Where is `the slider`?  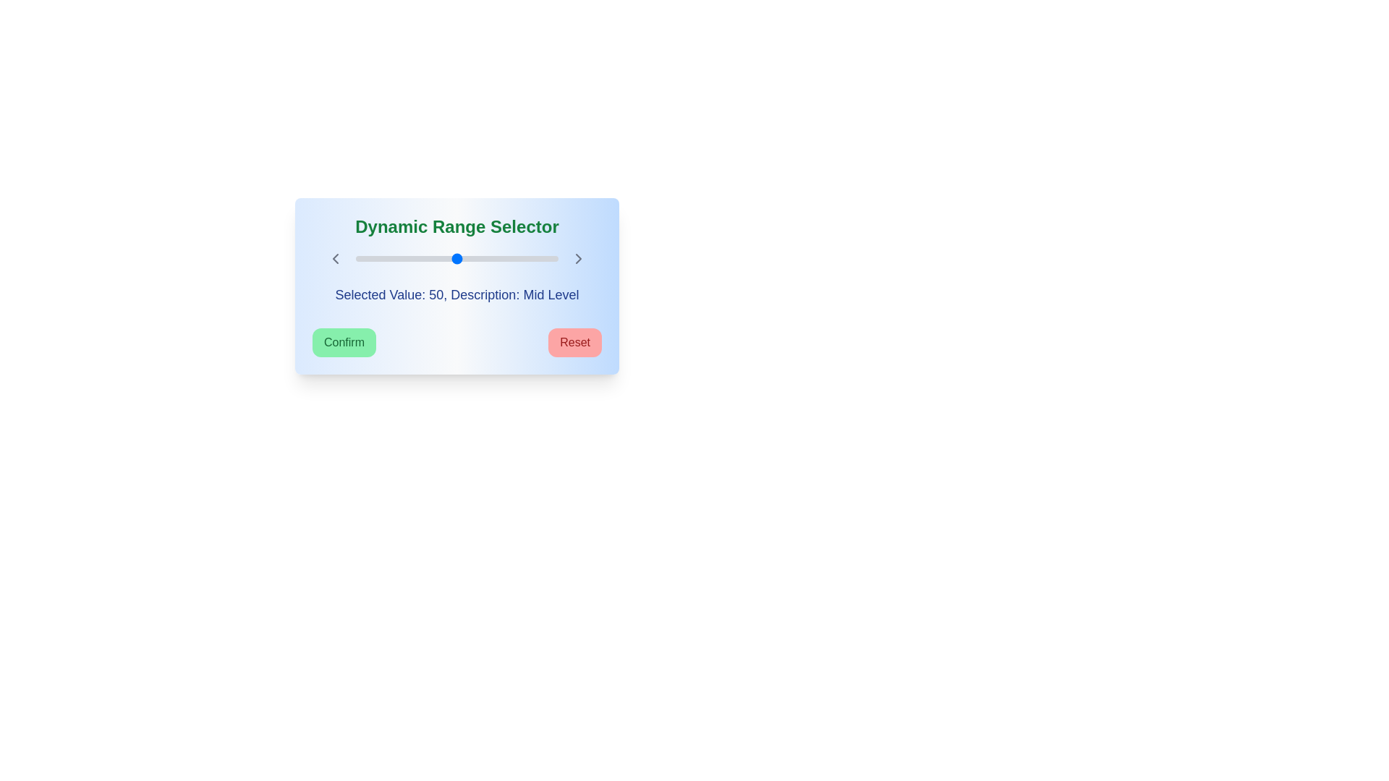 the slider is located at coordinates (422, 258).